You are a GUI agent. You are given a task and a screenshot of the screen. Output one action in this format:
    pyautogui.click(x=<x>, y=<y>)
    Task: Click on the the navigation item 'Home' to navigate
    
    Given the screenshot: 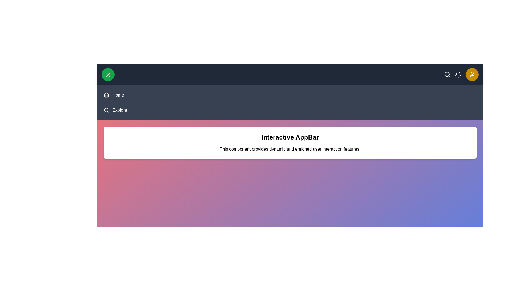 What is the action you would take?
    pyautogui.click(x=118, y=95)
    